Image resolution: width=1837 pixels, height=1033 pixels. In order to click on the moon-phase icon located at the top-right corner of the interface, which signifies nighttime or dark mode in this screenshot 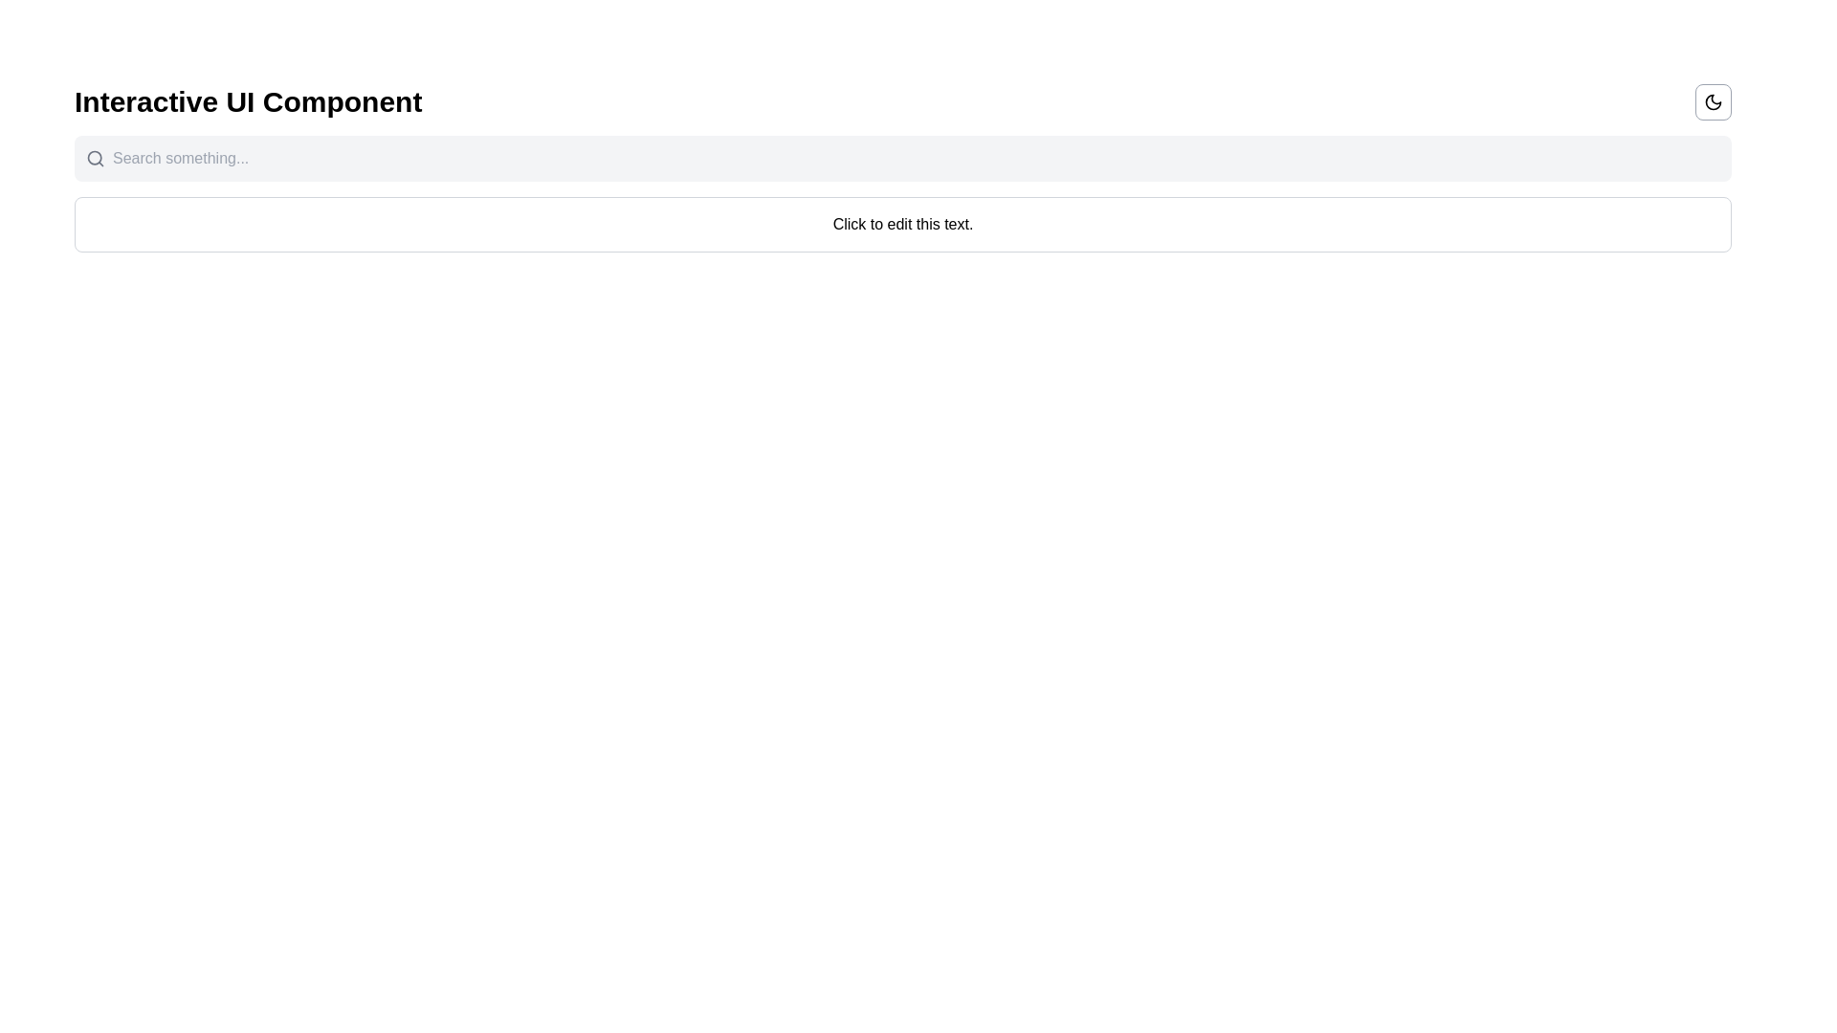, I will do `click(1713, 102)`.